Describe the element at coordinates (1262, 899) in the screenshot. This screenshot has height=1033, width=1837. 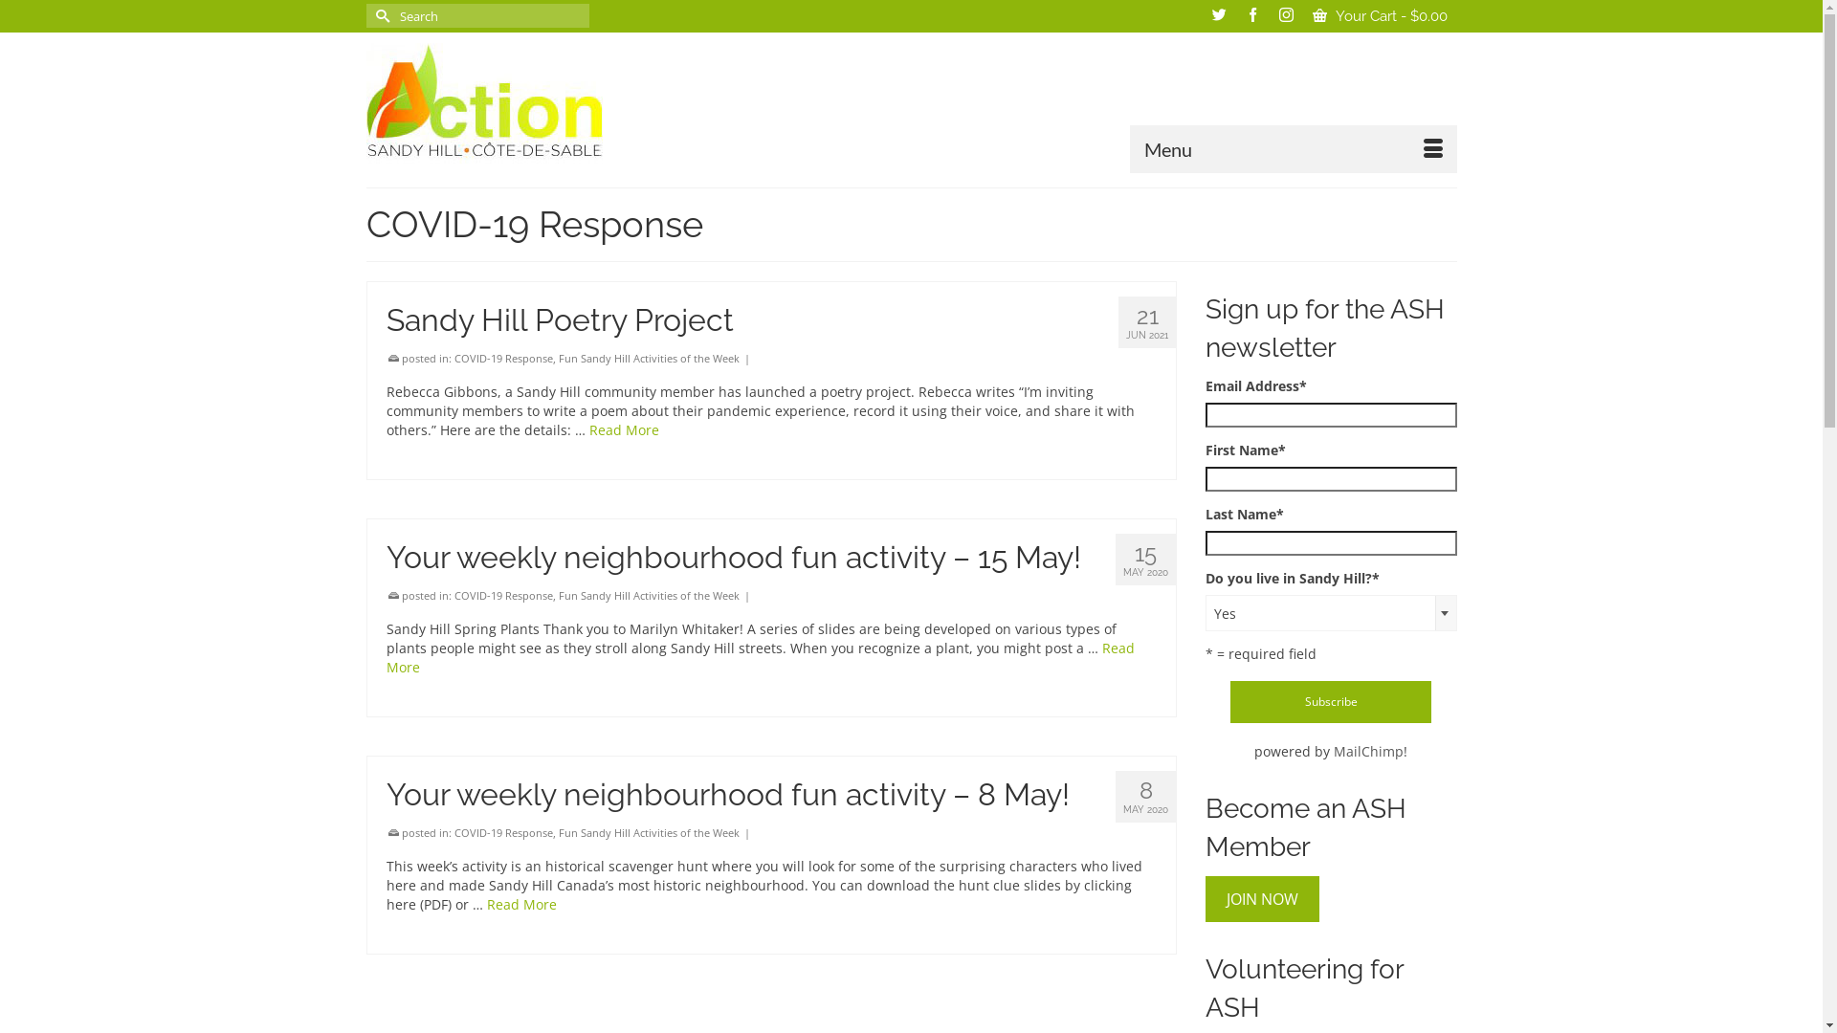
I see `'JOIN NOW'` at that location.